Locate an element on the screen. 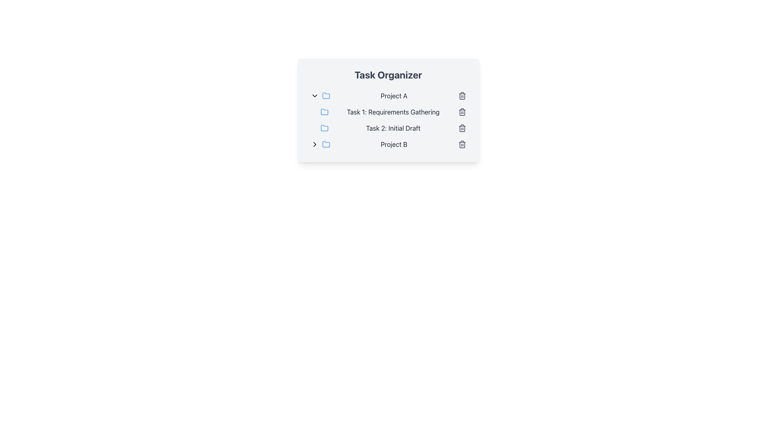 Image resolution: width=778 pixels, height=437 pixels. the second task entry in 'Project A' is located at coordinates (393, 127).